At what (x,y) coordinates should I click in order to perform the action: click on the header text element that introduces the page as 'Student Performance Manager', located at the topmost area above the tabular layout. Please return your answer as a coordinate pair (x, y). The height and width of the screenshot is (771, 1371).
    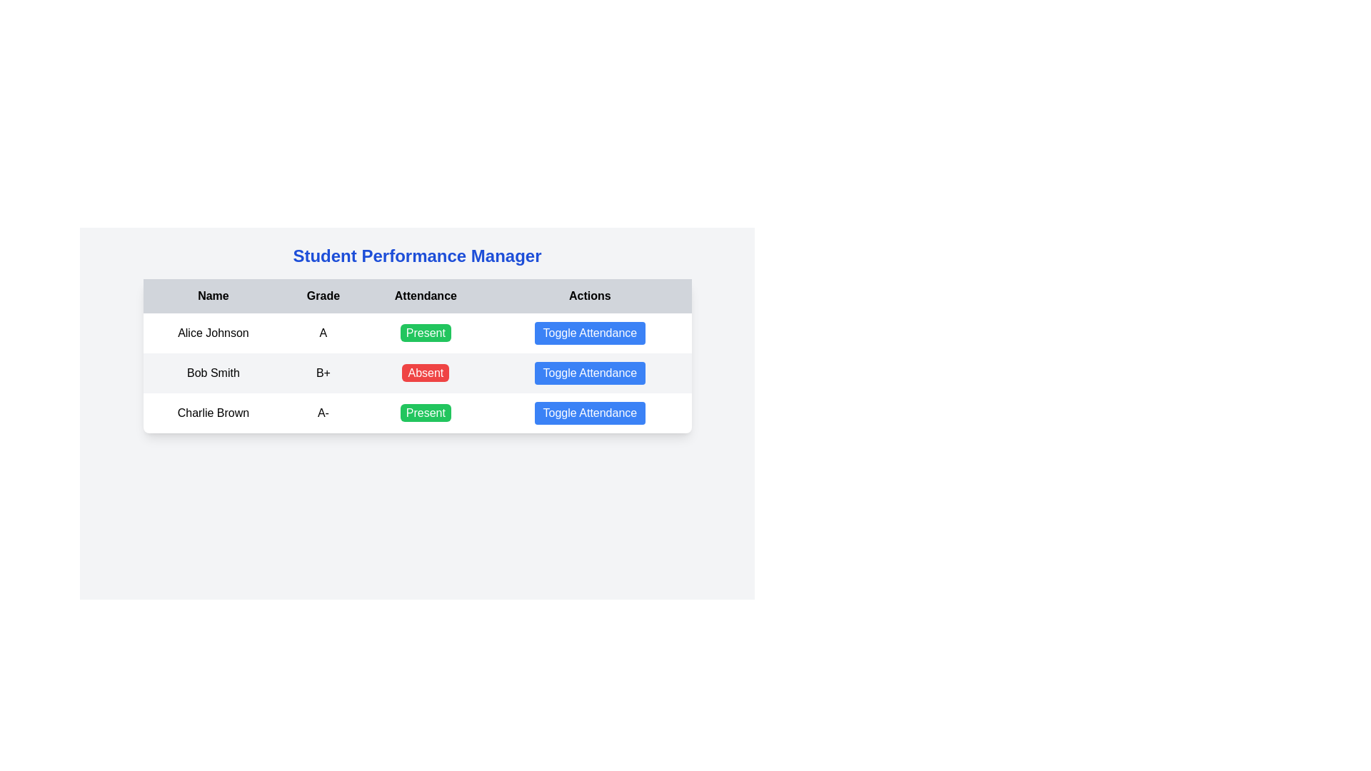
    Looking at the image, I should click on (416, 255).